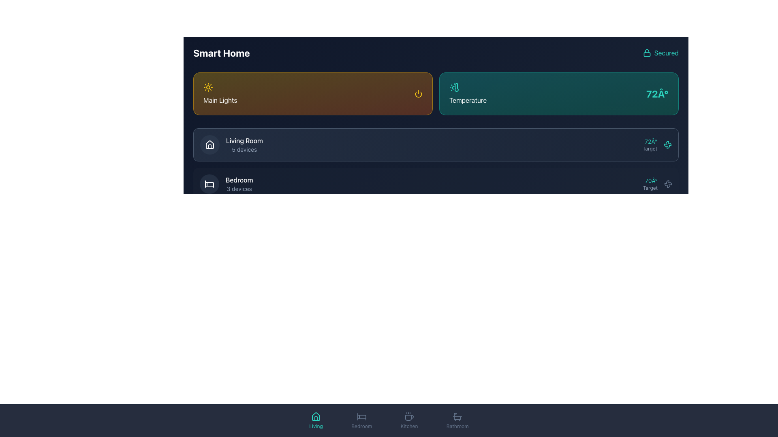 Image resolution: width=778 pixels, height=437 pixels. What do you see at coordinates (409, 426) in the screenshot?
I see `the static text label that indicates the kitchen section, located at the bottom center of the page under the coffee mug icon in the navigation bar` at bounding box center [409, 426].